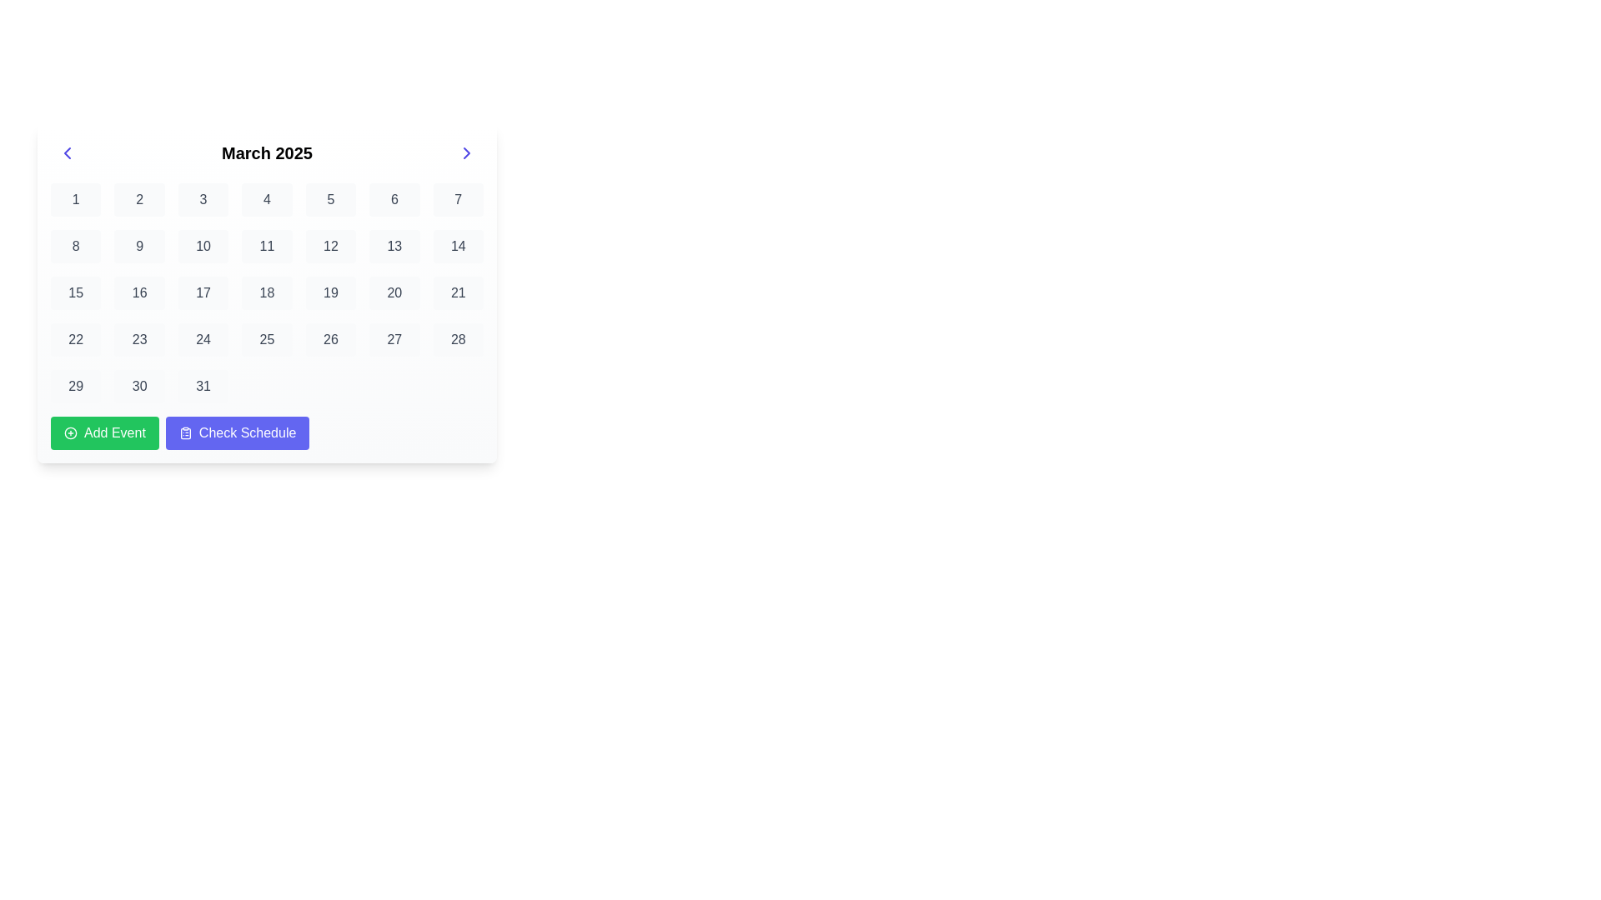 Image resolution: width=1601 pixels, height=900 pixels. I want to click on the square button with the number '16', which has a light gray background and is located in the third row and second column of the calendar grid, so click(139, 292).